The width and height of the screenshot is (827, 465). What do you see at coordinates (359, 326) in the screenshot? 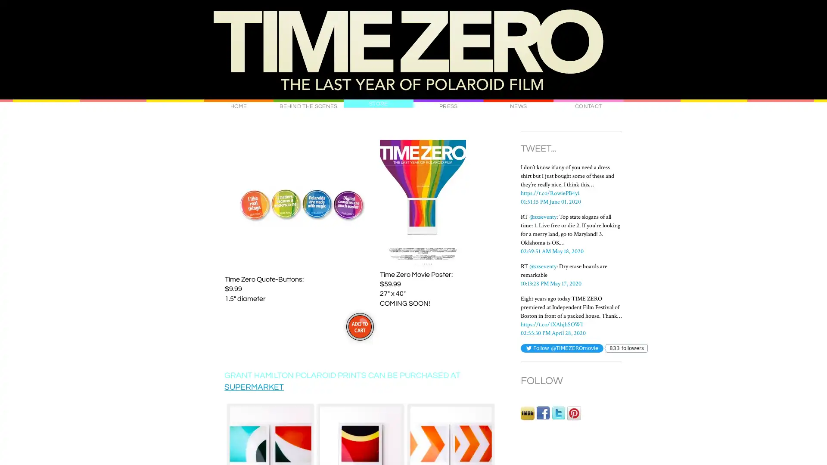
I see `PayPal - The safer, easier way to pay online!` at bounding box center [359, 326].